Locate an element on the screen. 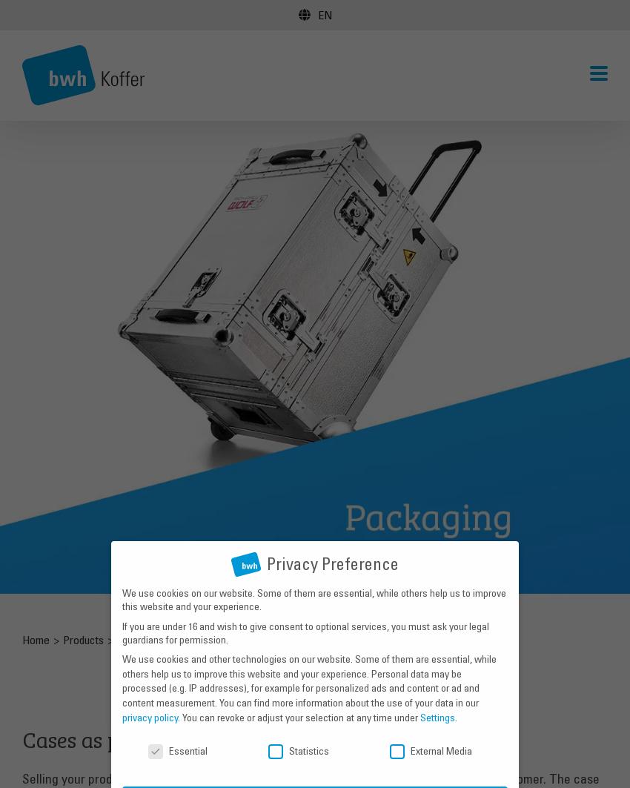 This screenshot has height=788, width=630. 'Sie benötigen eine individuelle Kofferlösung für Ihre speziellen Anforderungen?  bwh Spezialkoffer bieten dank innovativer Ausstattungsvarianten die perfekte Lösung für Sie.' is located at coordinates (234, 116).